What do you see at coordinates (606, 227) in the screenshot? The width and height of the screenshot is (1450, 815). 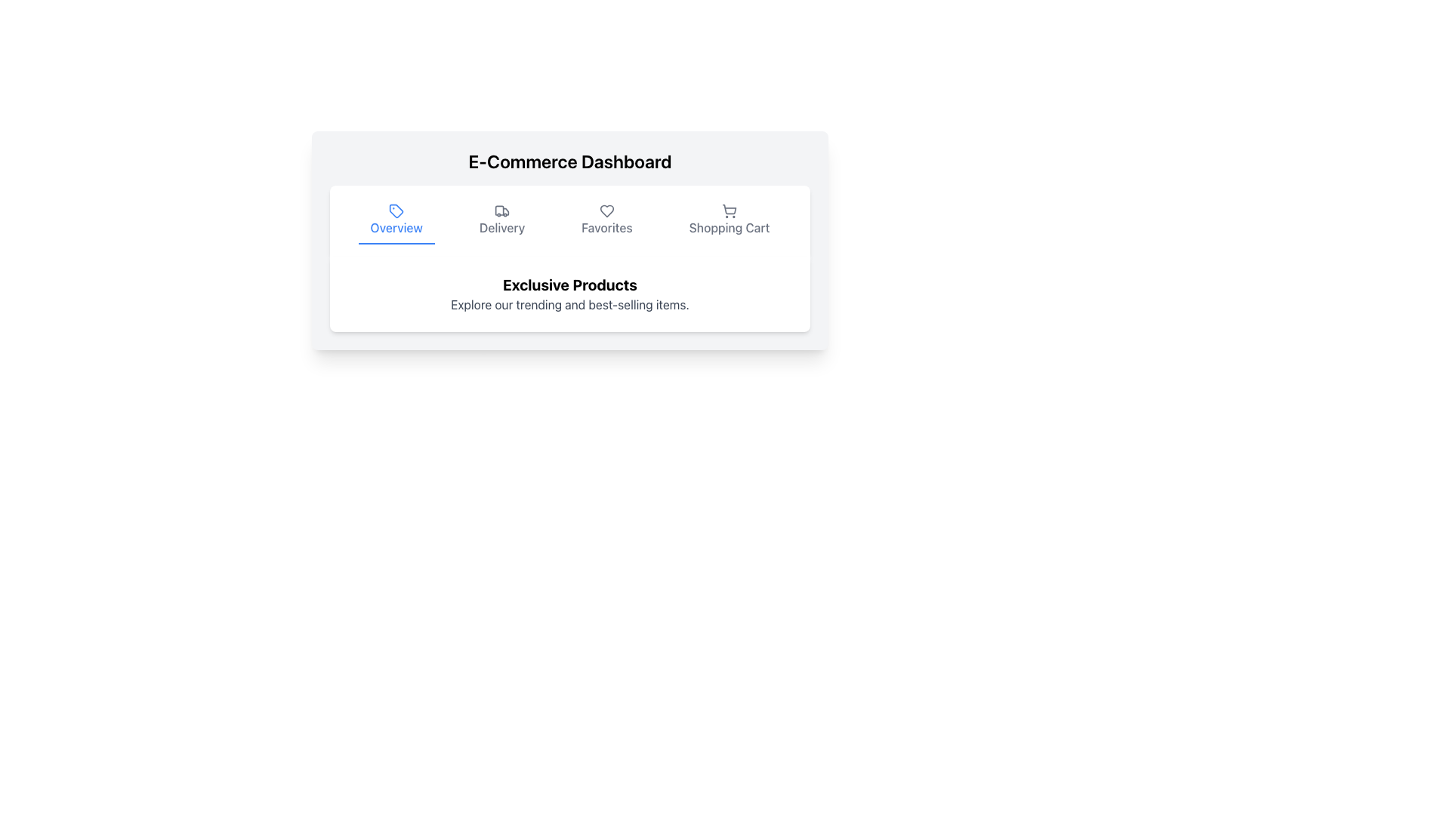 I see `the 'Favorites' label in the navigation bar` at bounding box center [606, 227].